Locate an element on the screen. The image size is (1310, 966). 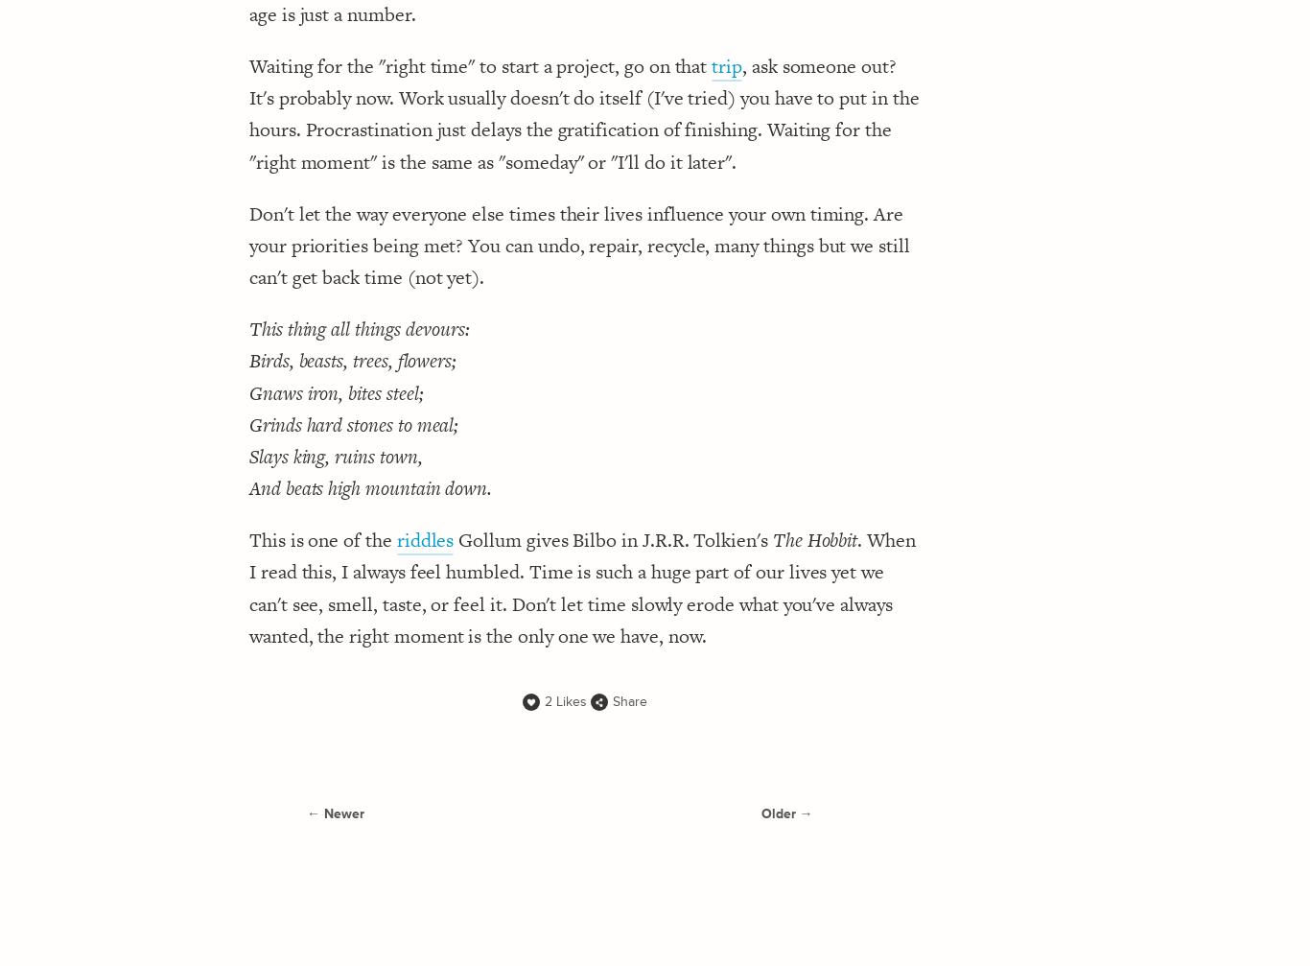
'Grinds hard stones to meal;' is located at coordinates (248, 423).